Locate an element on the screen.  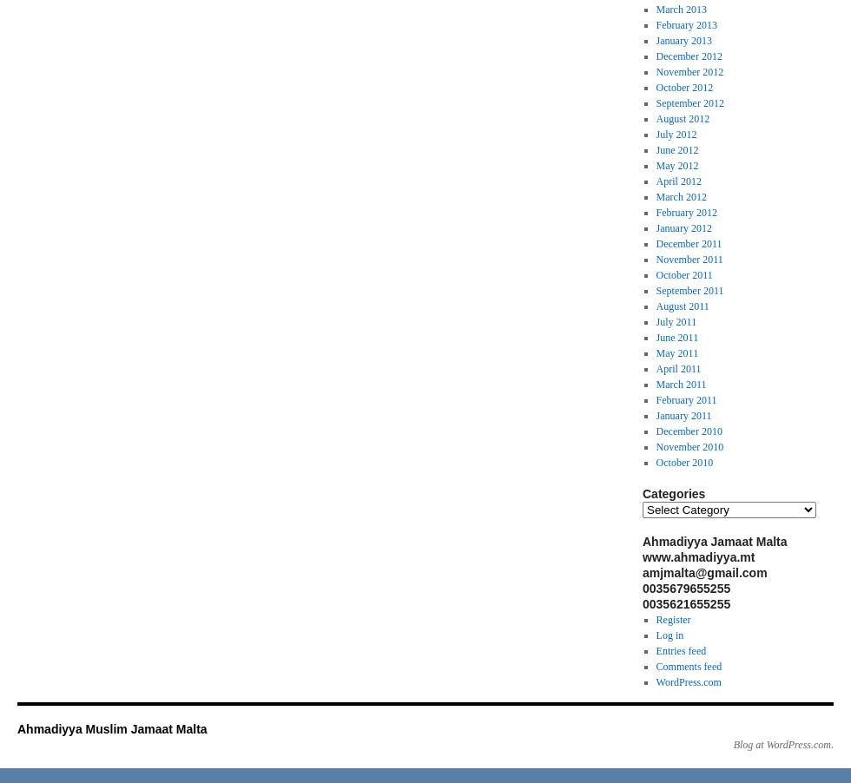
'April 2011' is located at coordinates (655, 368).